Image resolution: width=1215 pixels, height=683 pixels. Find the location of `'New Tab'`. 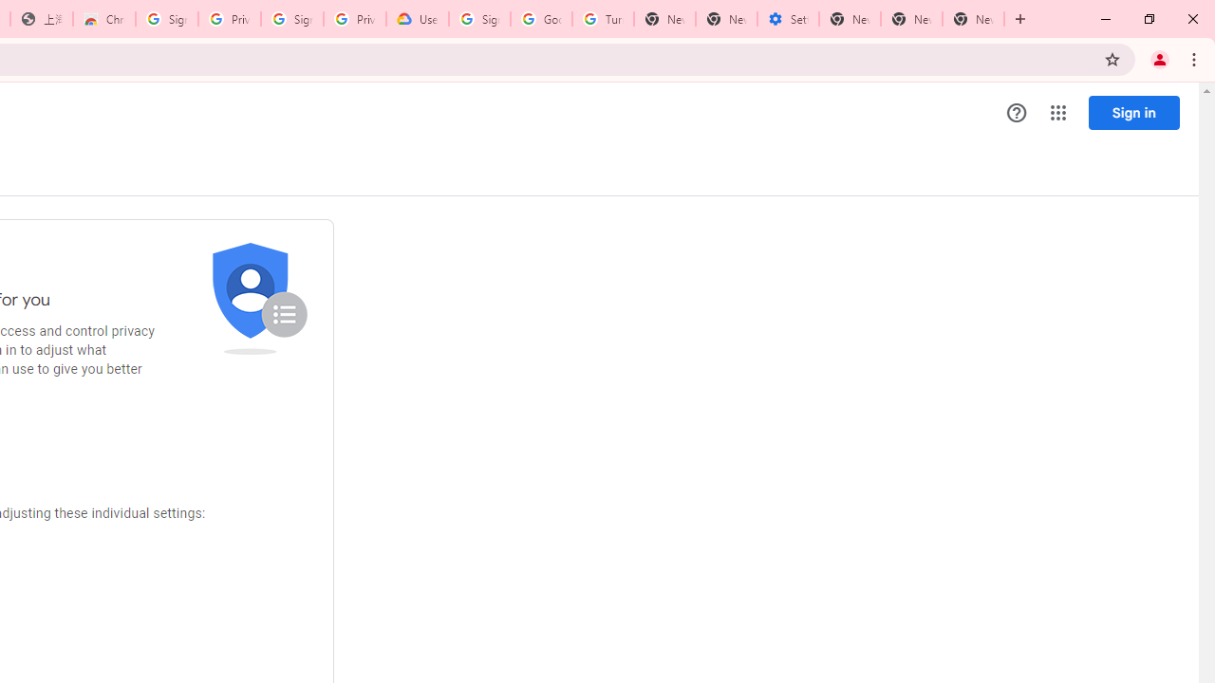

'New Tab' is located at coordinates (973, 19).